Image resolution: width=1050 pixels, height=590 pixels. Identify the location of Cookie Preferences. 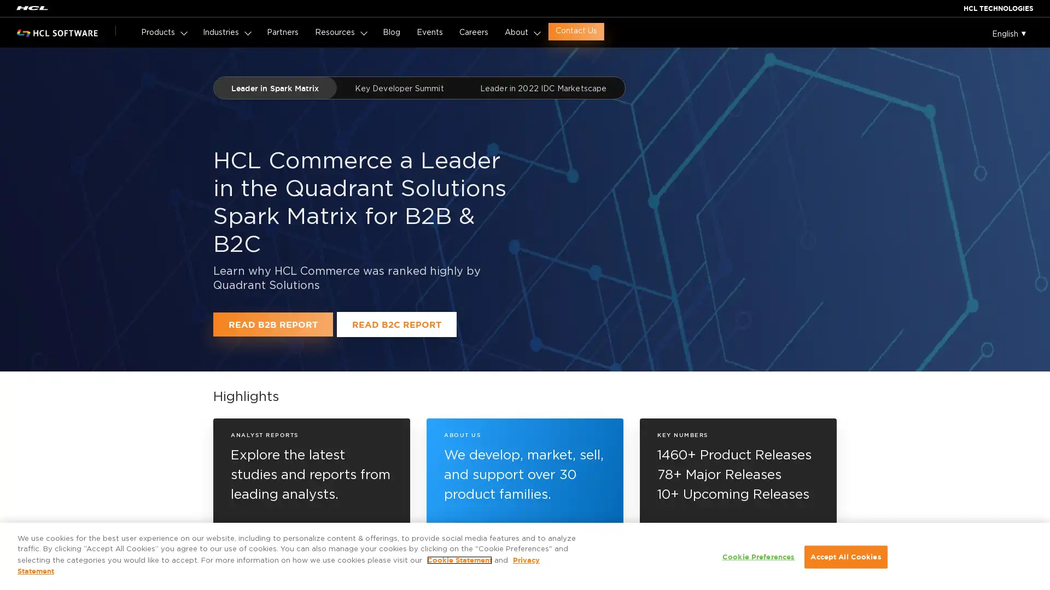
(758, 557).